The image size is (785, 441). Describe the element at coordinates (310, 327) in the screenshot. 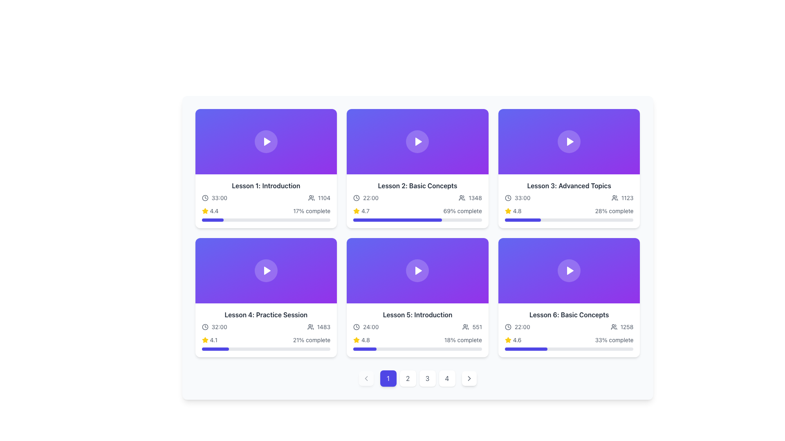

I see `the informational icon that represents the number of users or participants, which is located to the left of the text '1483' in the fourth card of the grid` at that location.